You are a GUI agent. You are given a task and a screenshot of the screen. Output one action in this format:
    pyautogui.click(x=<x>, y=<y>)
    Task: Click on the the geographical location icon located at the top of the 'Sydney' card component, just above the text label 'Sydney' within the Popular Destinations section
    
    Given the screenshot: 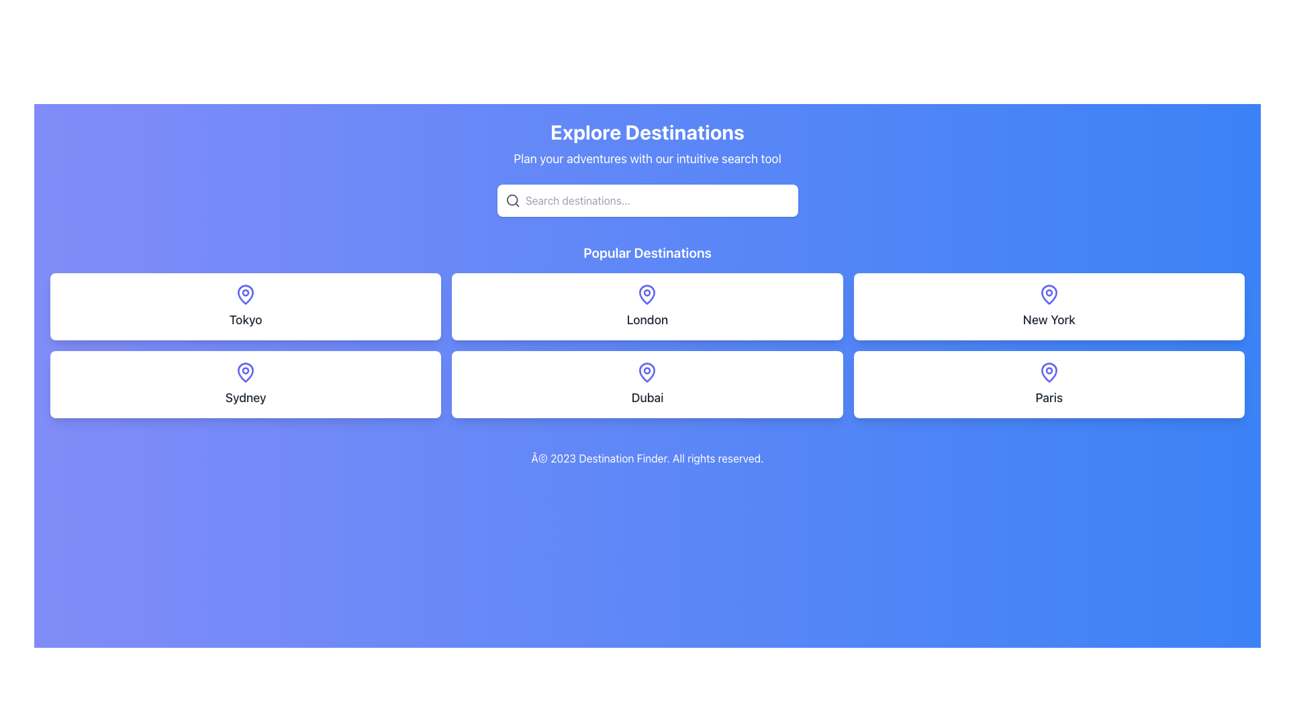 What is the action you would take?
    pyautogui.click(x=246, y=373)
    